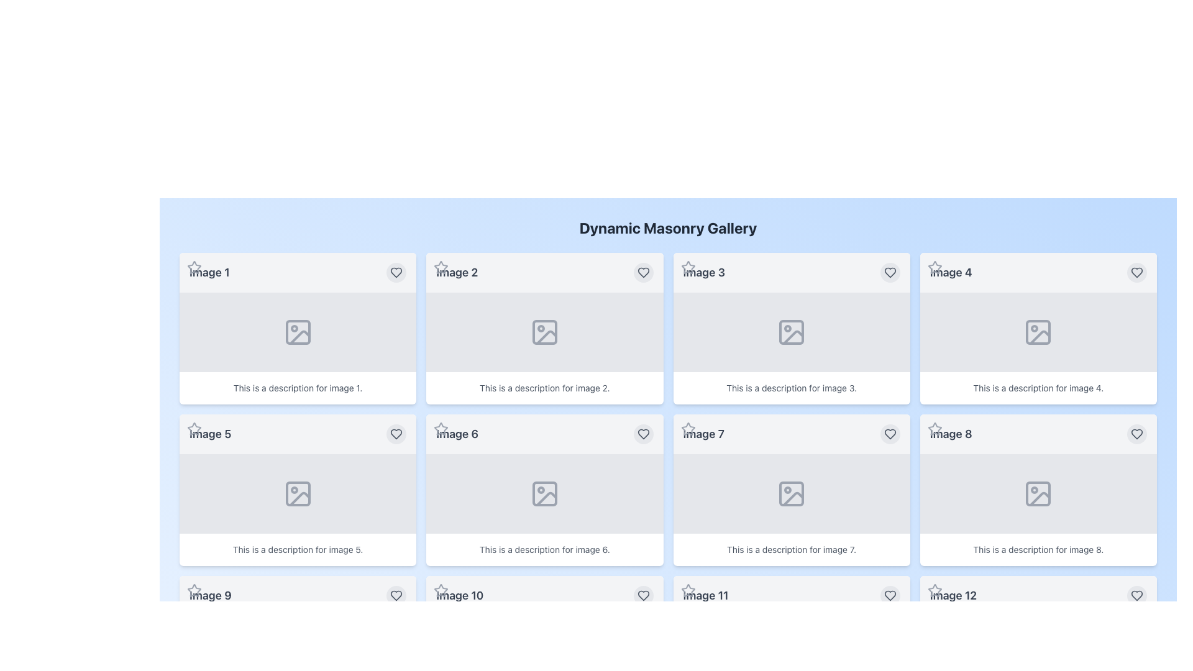 Image resolution: width=1193 pixels, height=671 pixels. What do you see at coordinates (889, 433) in the screenshot?
I see `the heart-shaped outline icon button in the top-right corner of the card for 'Image 7' to like or favorite it` at bounding box center [889, 433].